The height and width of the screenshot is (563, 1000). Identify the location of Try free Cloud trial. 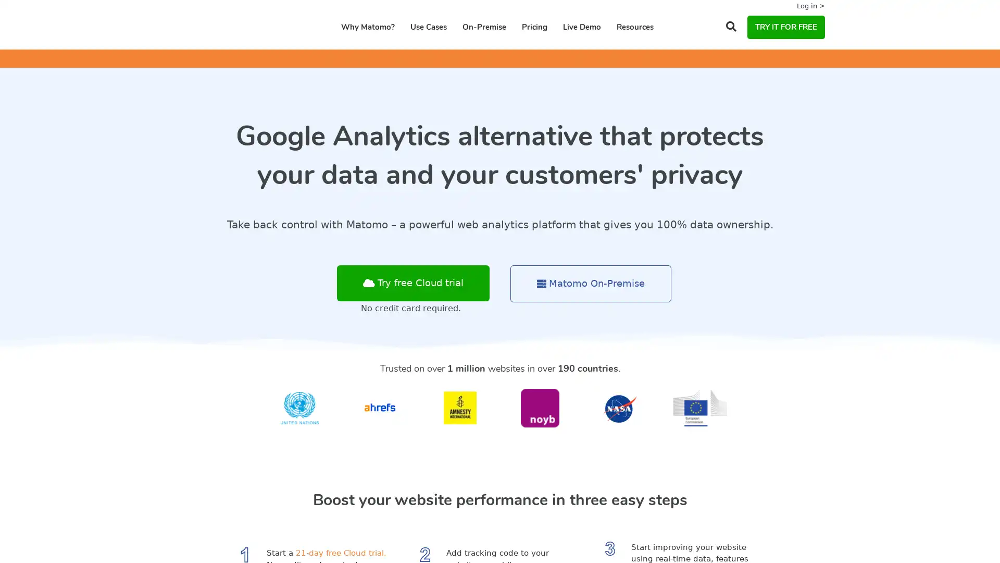
(413, 283).